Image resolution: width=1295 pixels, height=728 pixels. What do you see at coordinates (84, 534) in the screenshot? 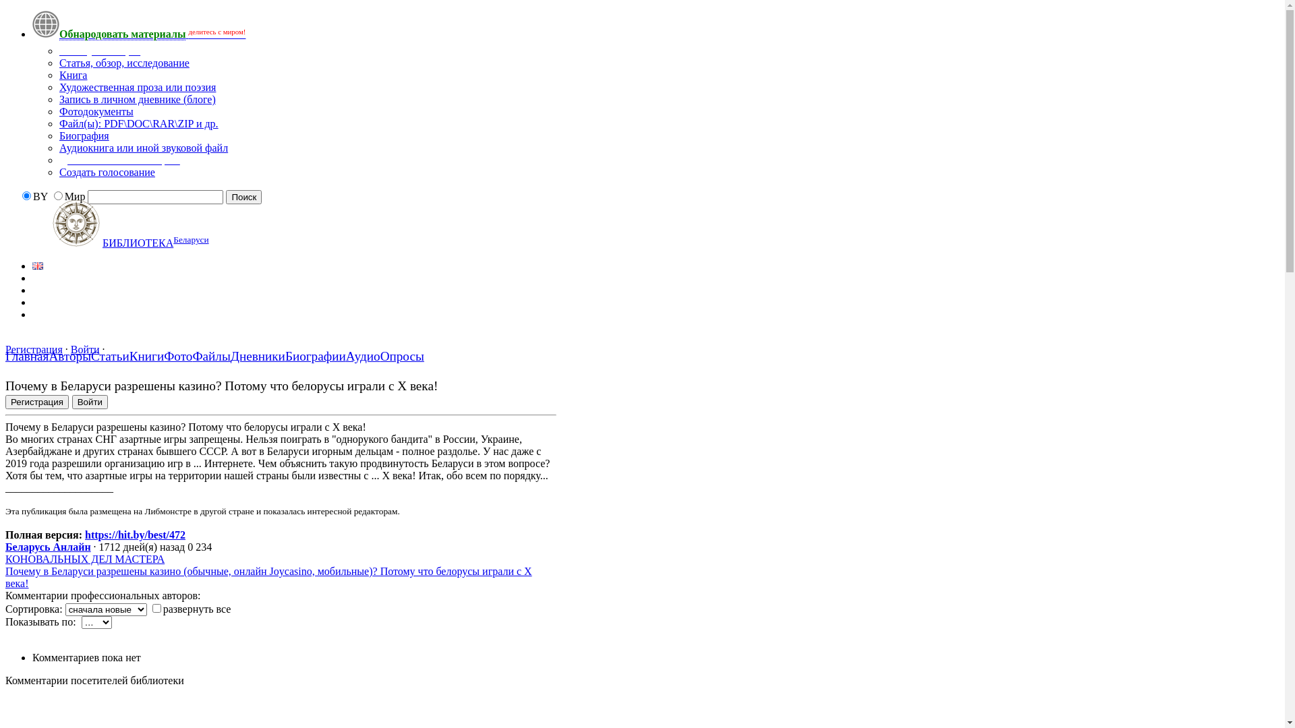
I see `'https://hit.by/best/472'` at bounding box center [84, 534].